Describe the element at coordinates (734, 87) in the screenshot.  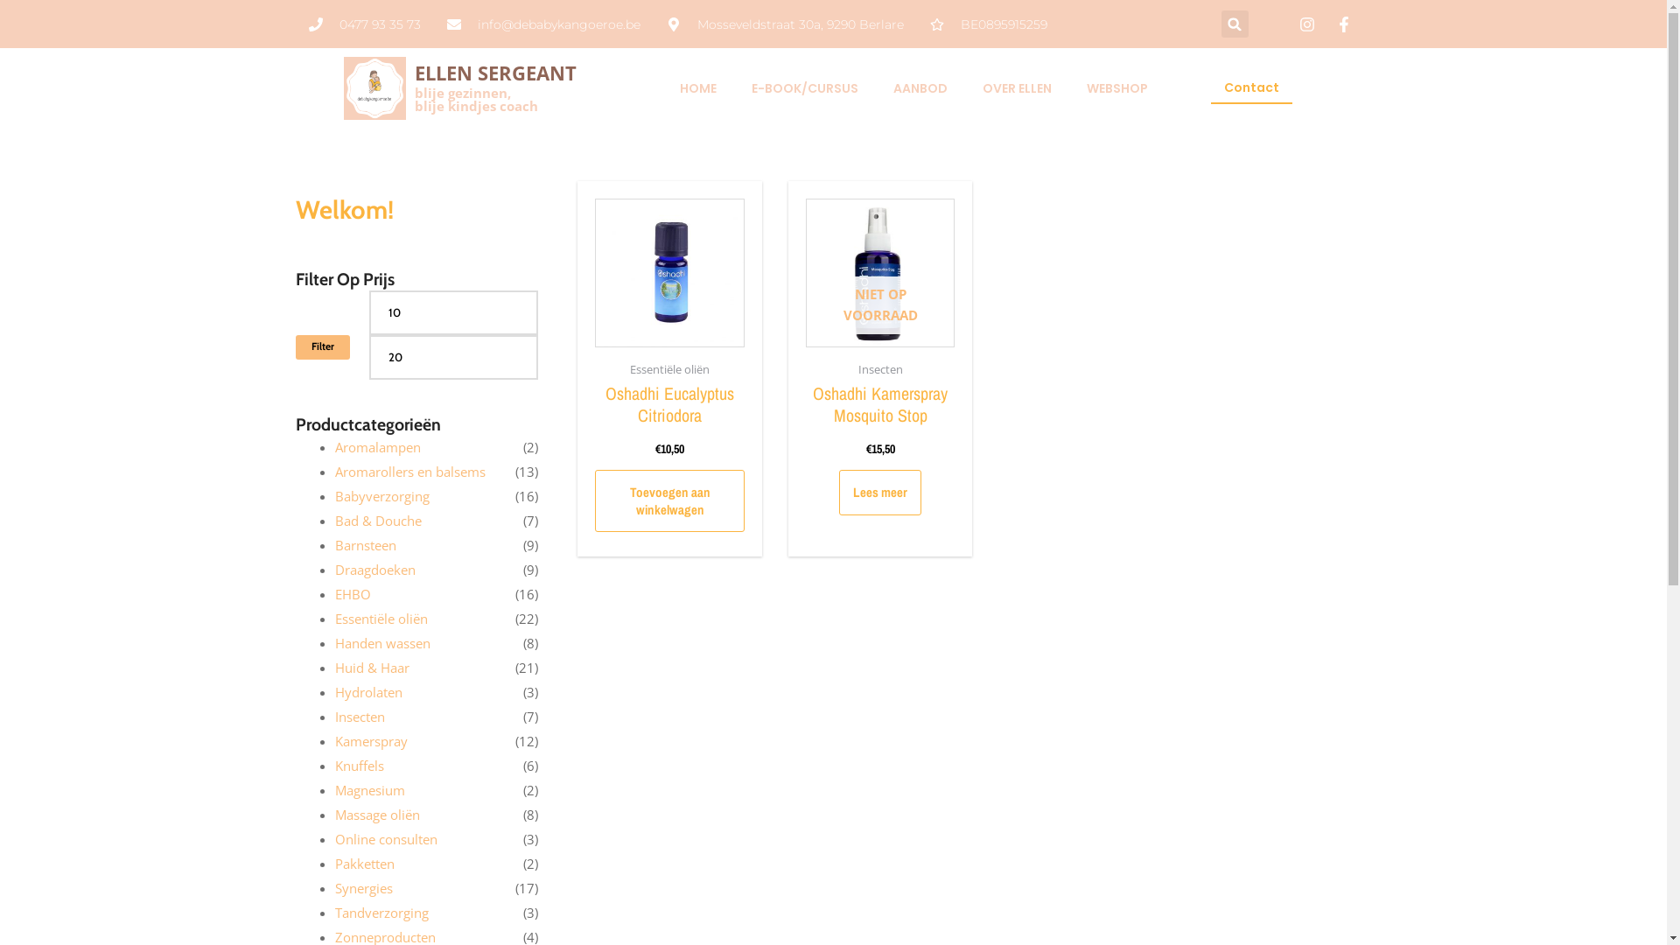
I see `'E-BOOK/CURSUS'` at that location.